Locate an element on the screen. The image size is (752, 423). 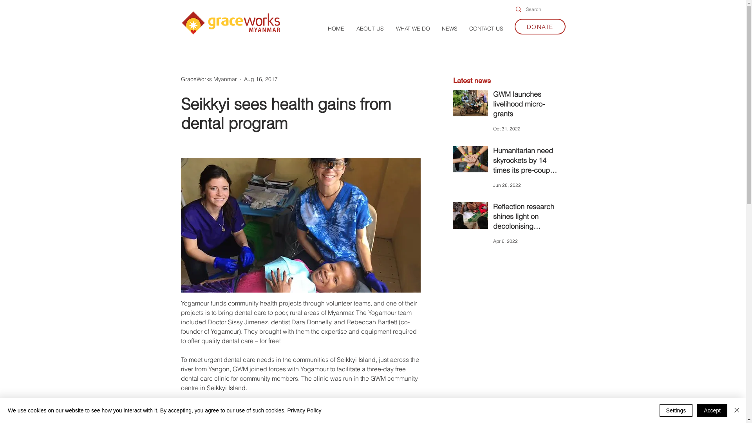
'WHAT WE DO' is located at coordinates (412, 28).